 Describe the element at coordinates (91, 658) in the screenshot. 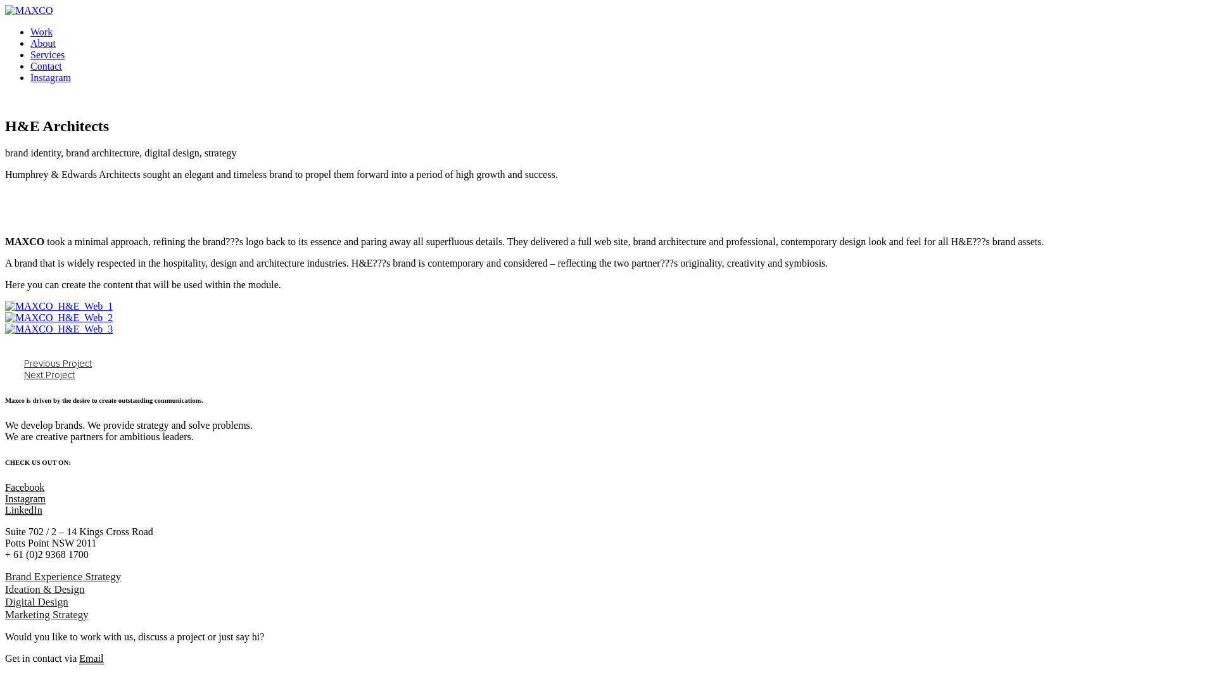

I see `'Email'` at that location.